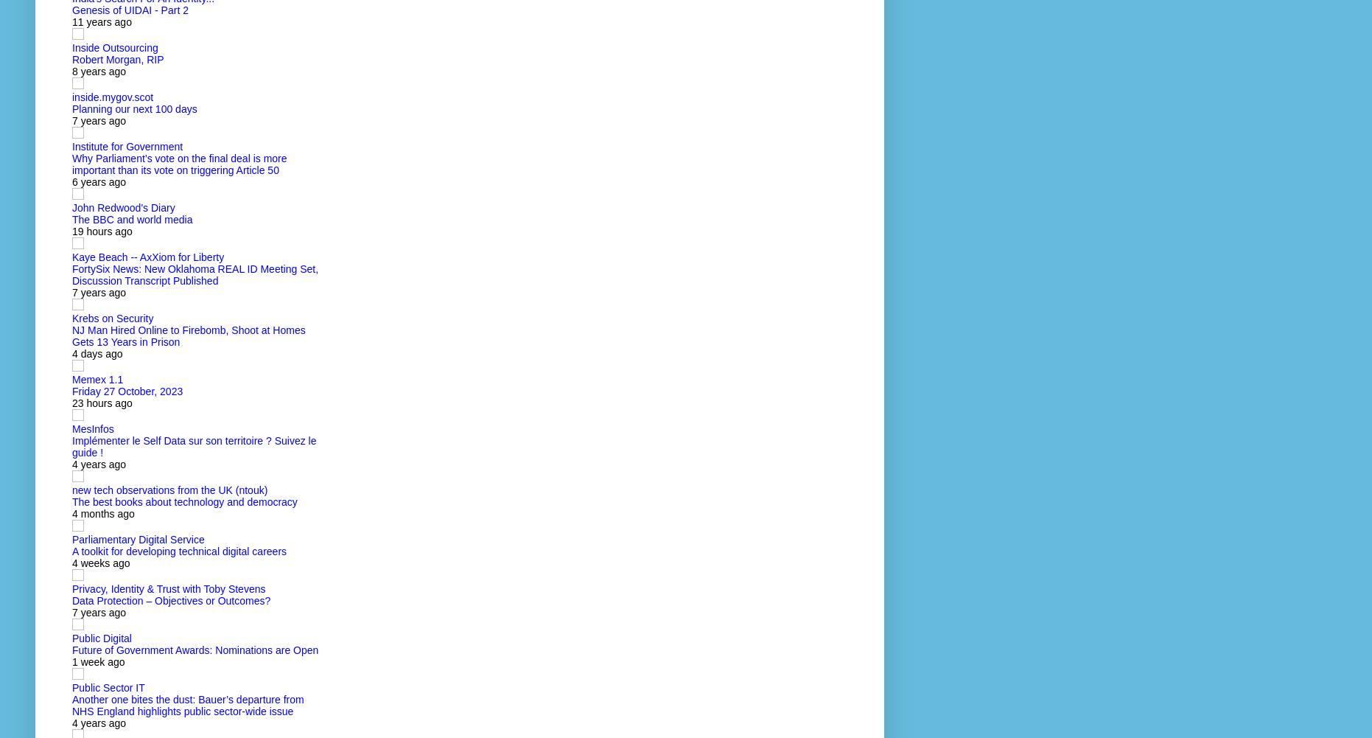 This screenshot has width=1372, height=738. What do you see at coordinates (100, 563) in the screenshot?
I see `'4 weeks ago'` at bounding box center [100, 563].